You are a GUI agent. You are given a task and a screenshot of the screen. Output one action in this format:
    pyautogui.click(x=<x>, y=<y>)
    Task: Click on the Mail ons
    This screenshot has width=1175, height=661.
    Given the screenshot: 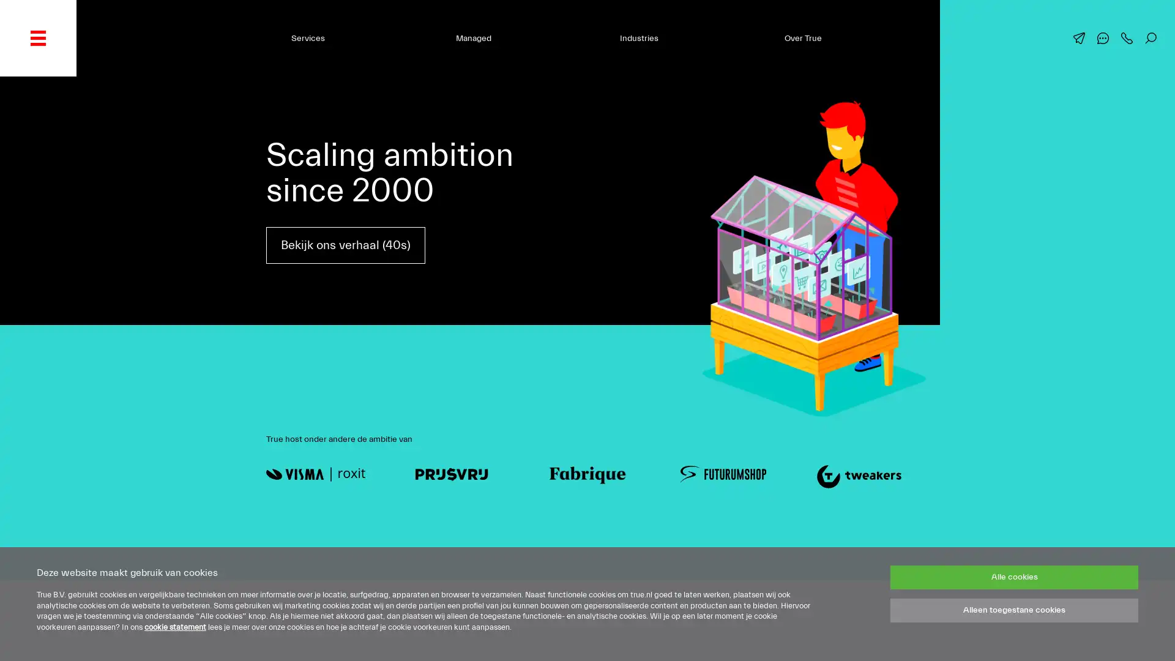 What is the action you would take?
    pyautogui.click(x=1085, y=37)
    